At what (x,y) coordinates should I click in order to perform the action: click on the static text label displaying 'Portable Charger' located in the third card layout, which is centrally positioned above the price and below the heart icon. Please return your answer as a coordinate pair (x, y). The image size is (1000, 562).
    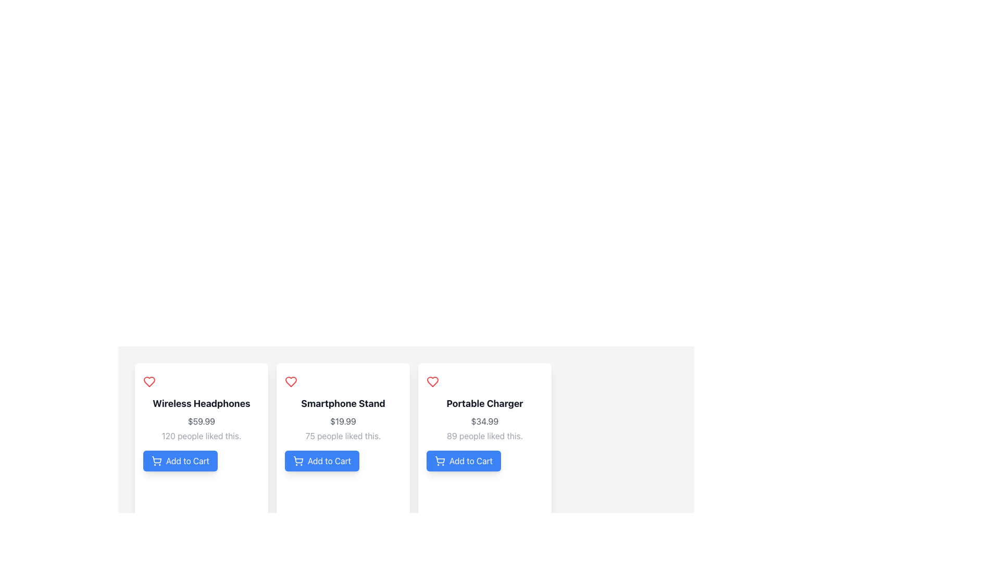
    Looking at the image, I should click on (484, 403).